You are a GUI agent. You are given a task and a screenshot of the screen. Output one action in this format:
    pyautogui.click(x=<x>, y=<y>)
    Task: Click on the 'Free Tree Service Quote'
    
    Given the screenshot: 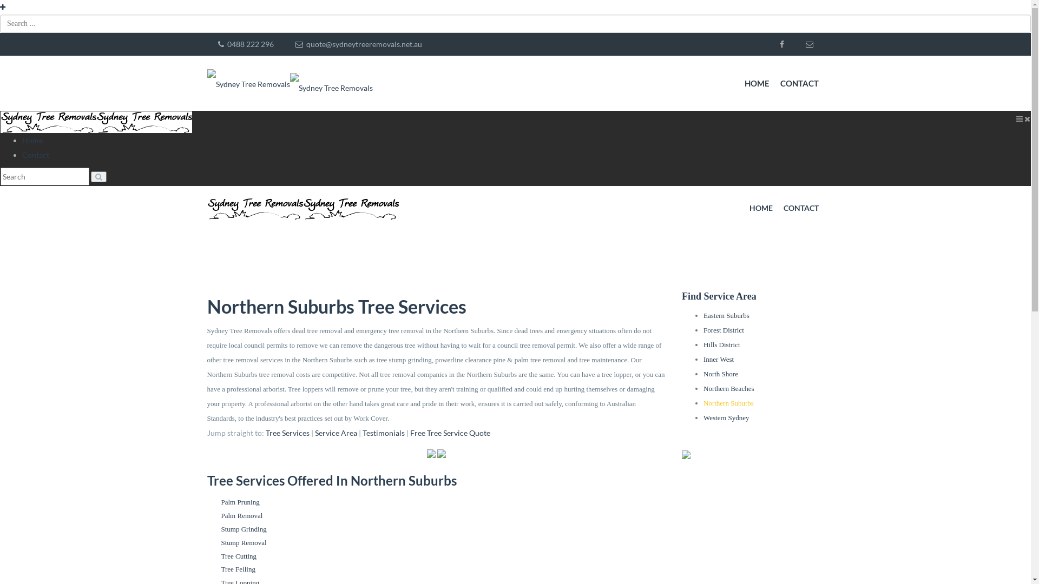 What is the action you would take?
    pyautogui.click(x=410, y=432)
    